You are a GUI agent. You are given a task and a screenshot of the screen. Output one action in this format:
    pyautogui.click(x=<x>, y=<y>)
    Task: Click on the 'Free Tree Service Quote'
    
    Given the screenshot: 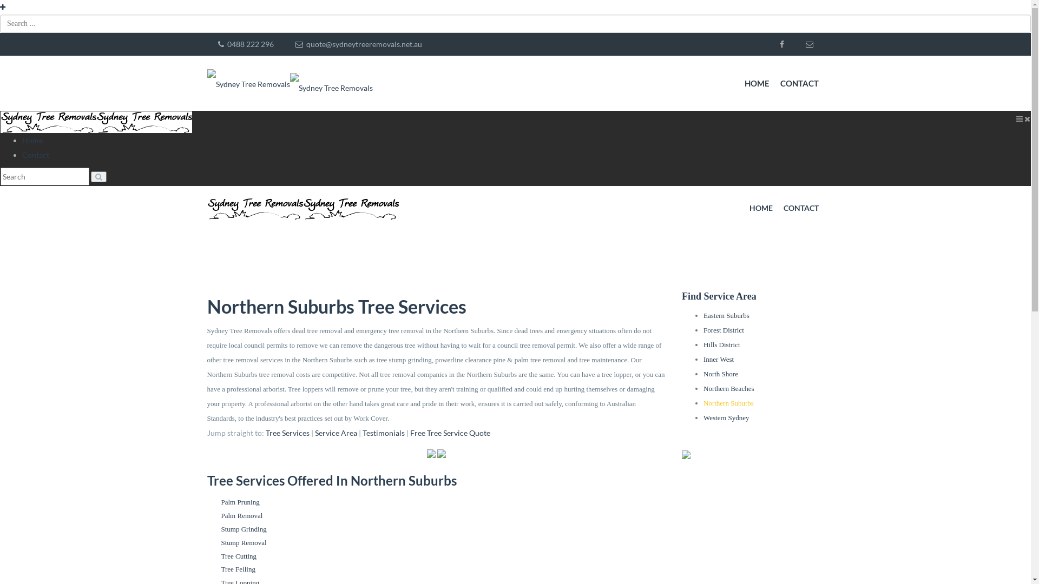 What is the action you would take?
    pyautogui.click(x=410, y=432)
    